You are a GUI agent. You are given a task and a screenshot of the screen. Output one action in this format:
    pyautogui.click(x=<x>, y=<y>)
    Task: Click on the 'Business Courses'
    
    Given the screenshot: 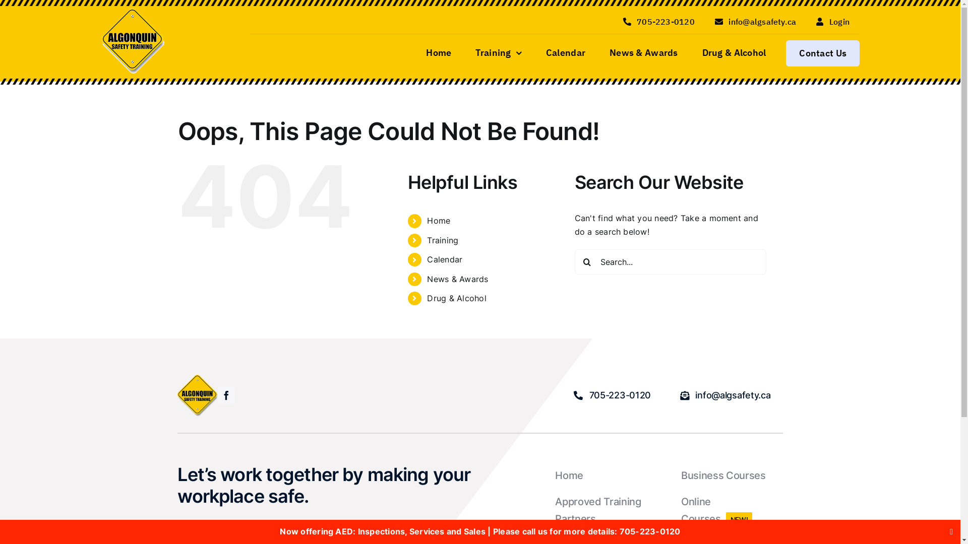 What is the action you would take?
    pyautogui.click(x=732, y=476)
    